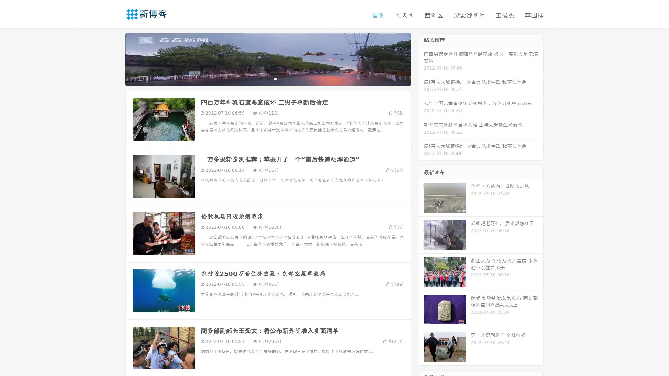  Describe the element at coordinates (115, 58) in the screenshot. I see `Previous slide` at that location.